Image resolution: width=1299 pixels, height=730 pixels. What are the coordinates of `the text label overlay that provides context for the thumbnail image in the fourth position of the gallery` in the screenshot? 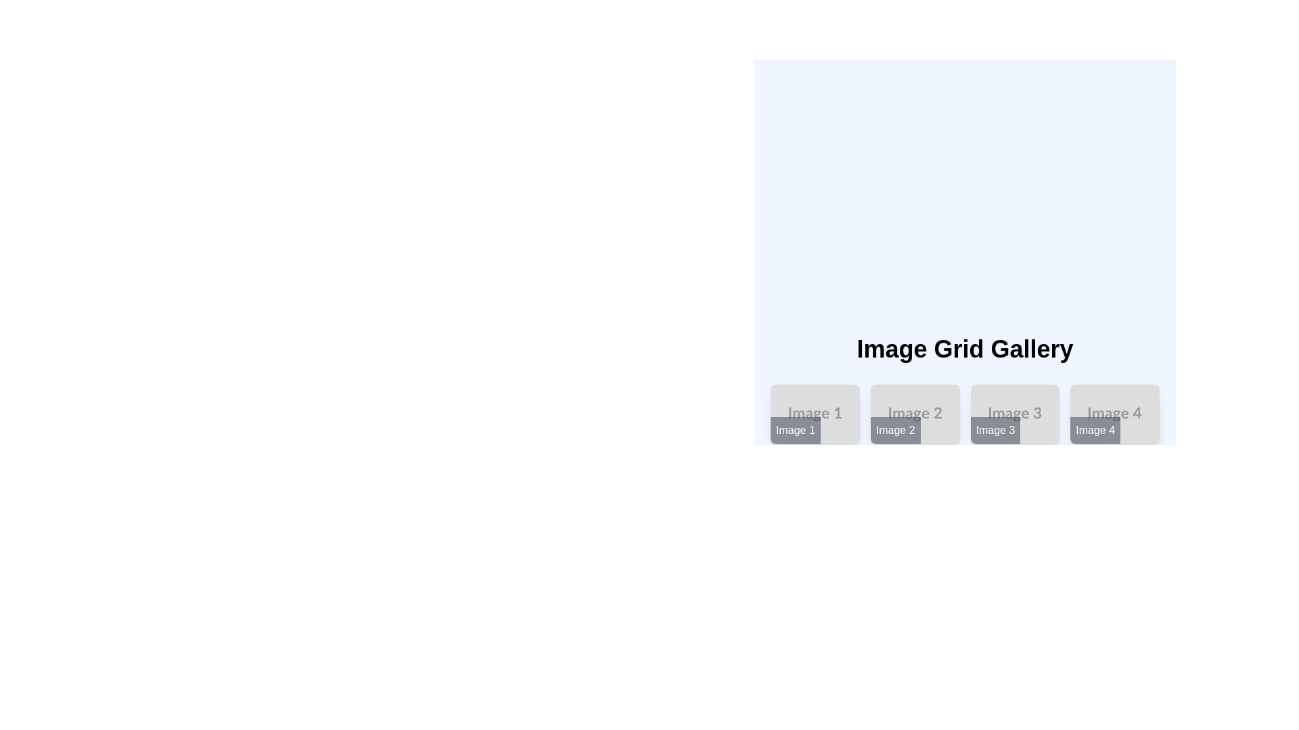 It's located at (1095, 430).